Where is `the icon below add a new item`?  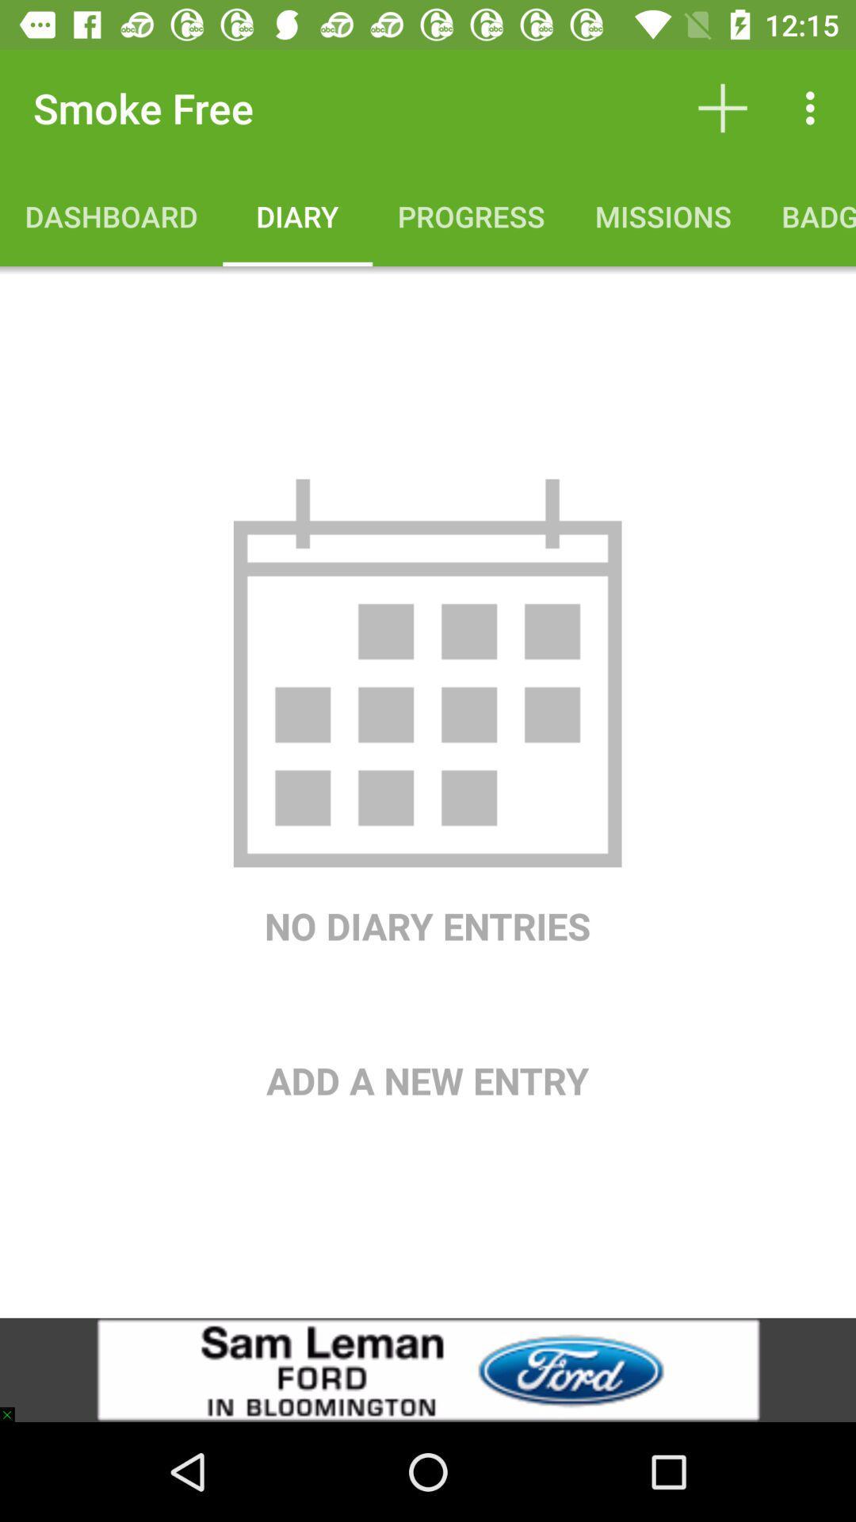
the icon below add a new item is located at coordinates (428, 1369).